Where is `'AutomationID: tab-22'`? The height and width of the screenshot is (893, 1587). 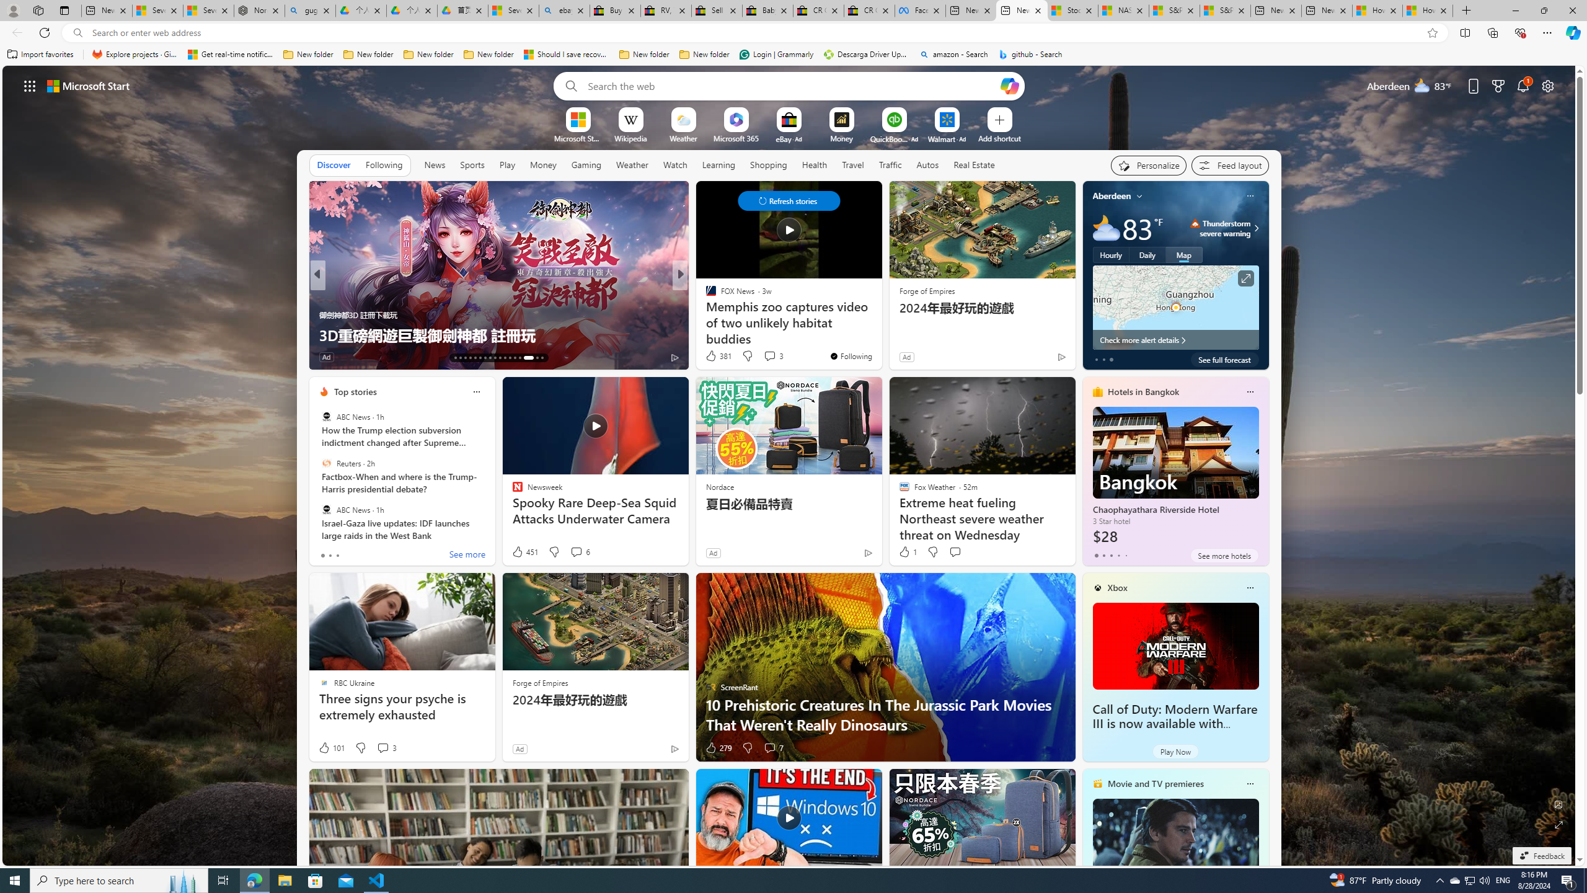
'AutomationID: tab-22' is located at coordinates (500, 358).